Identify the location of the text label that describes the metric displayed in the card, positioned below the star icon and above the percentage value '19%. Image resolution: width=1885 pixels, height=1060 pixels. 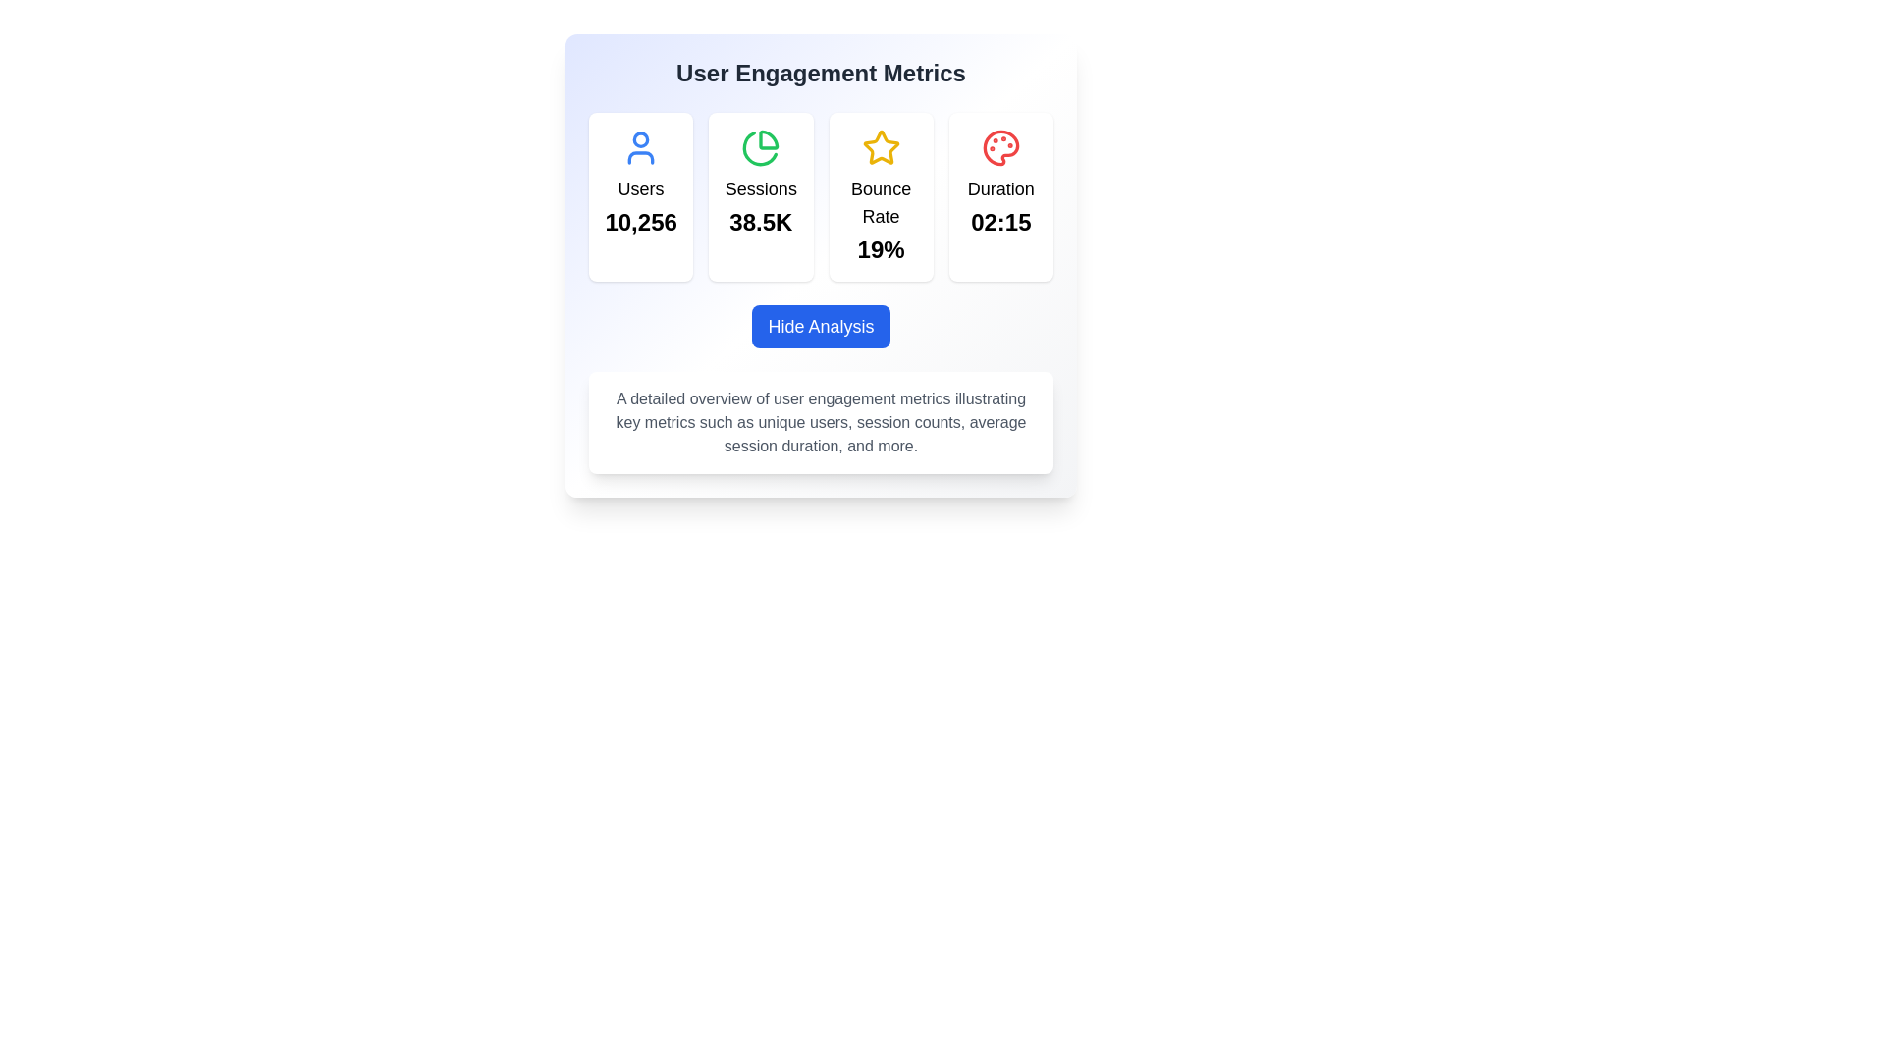
(880, 203).